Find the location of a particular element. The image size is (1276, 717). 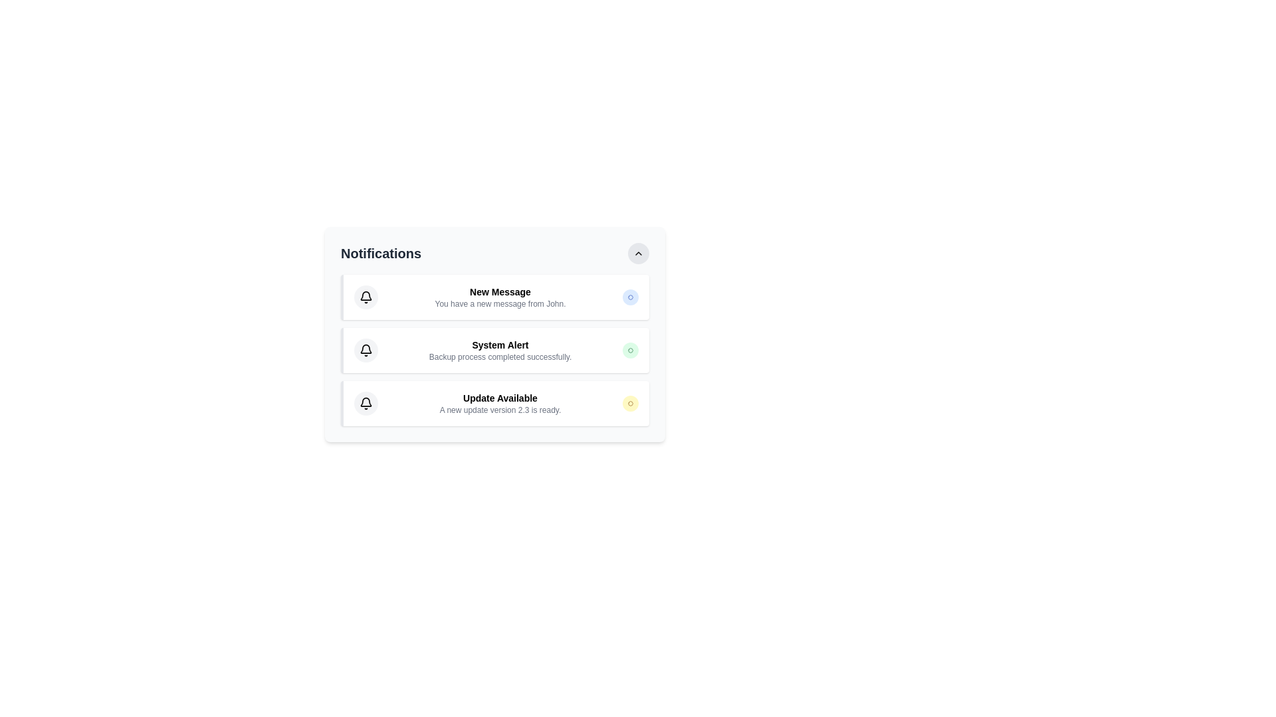

the text label that reads 'A new update version 2.3 is ready.' which is styled with a small font size and gray color, located directly below the 'Update Available' title in the third notification item is located at coordinates (500, 409).